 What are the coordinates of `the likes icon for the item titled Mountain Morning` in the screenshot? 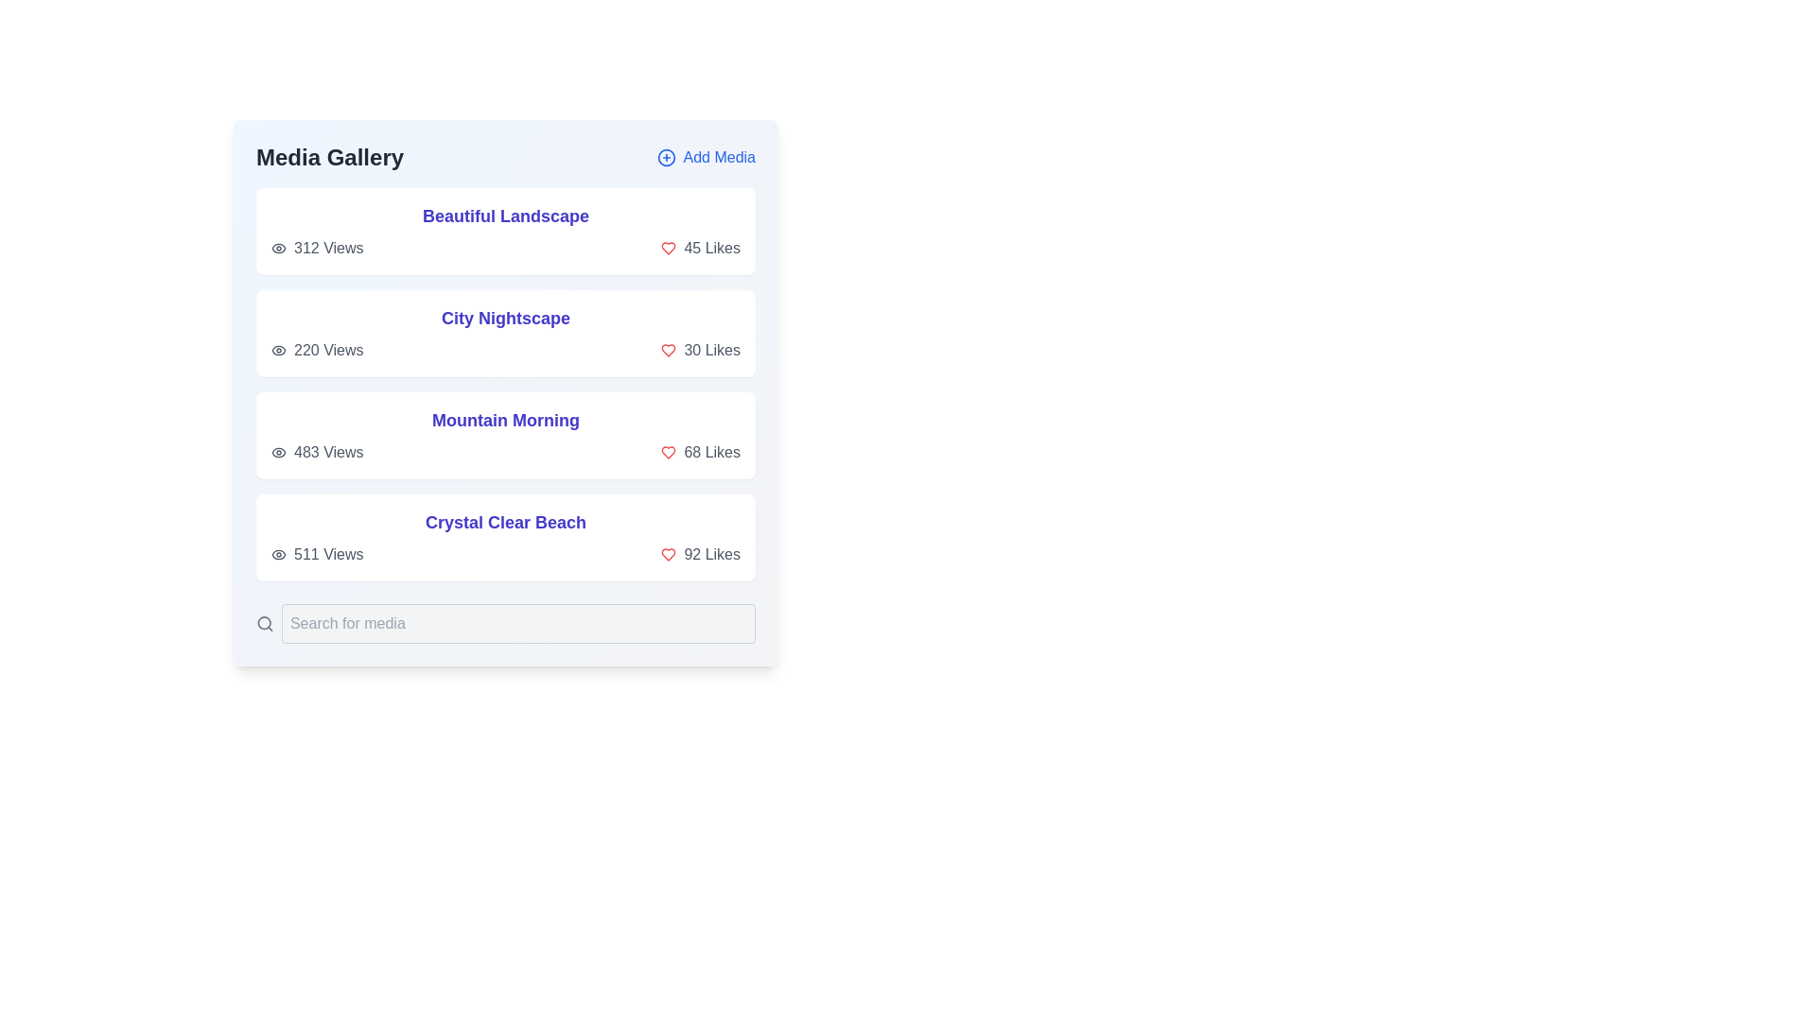 It's located at (668, 452).